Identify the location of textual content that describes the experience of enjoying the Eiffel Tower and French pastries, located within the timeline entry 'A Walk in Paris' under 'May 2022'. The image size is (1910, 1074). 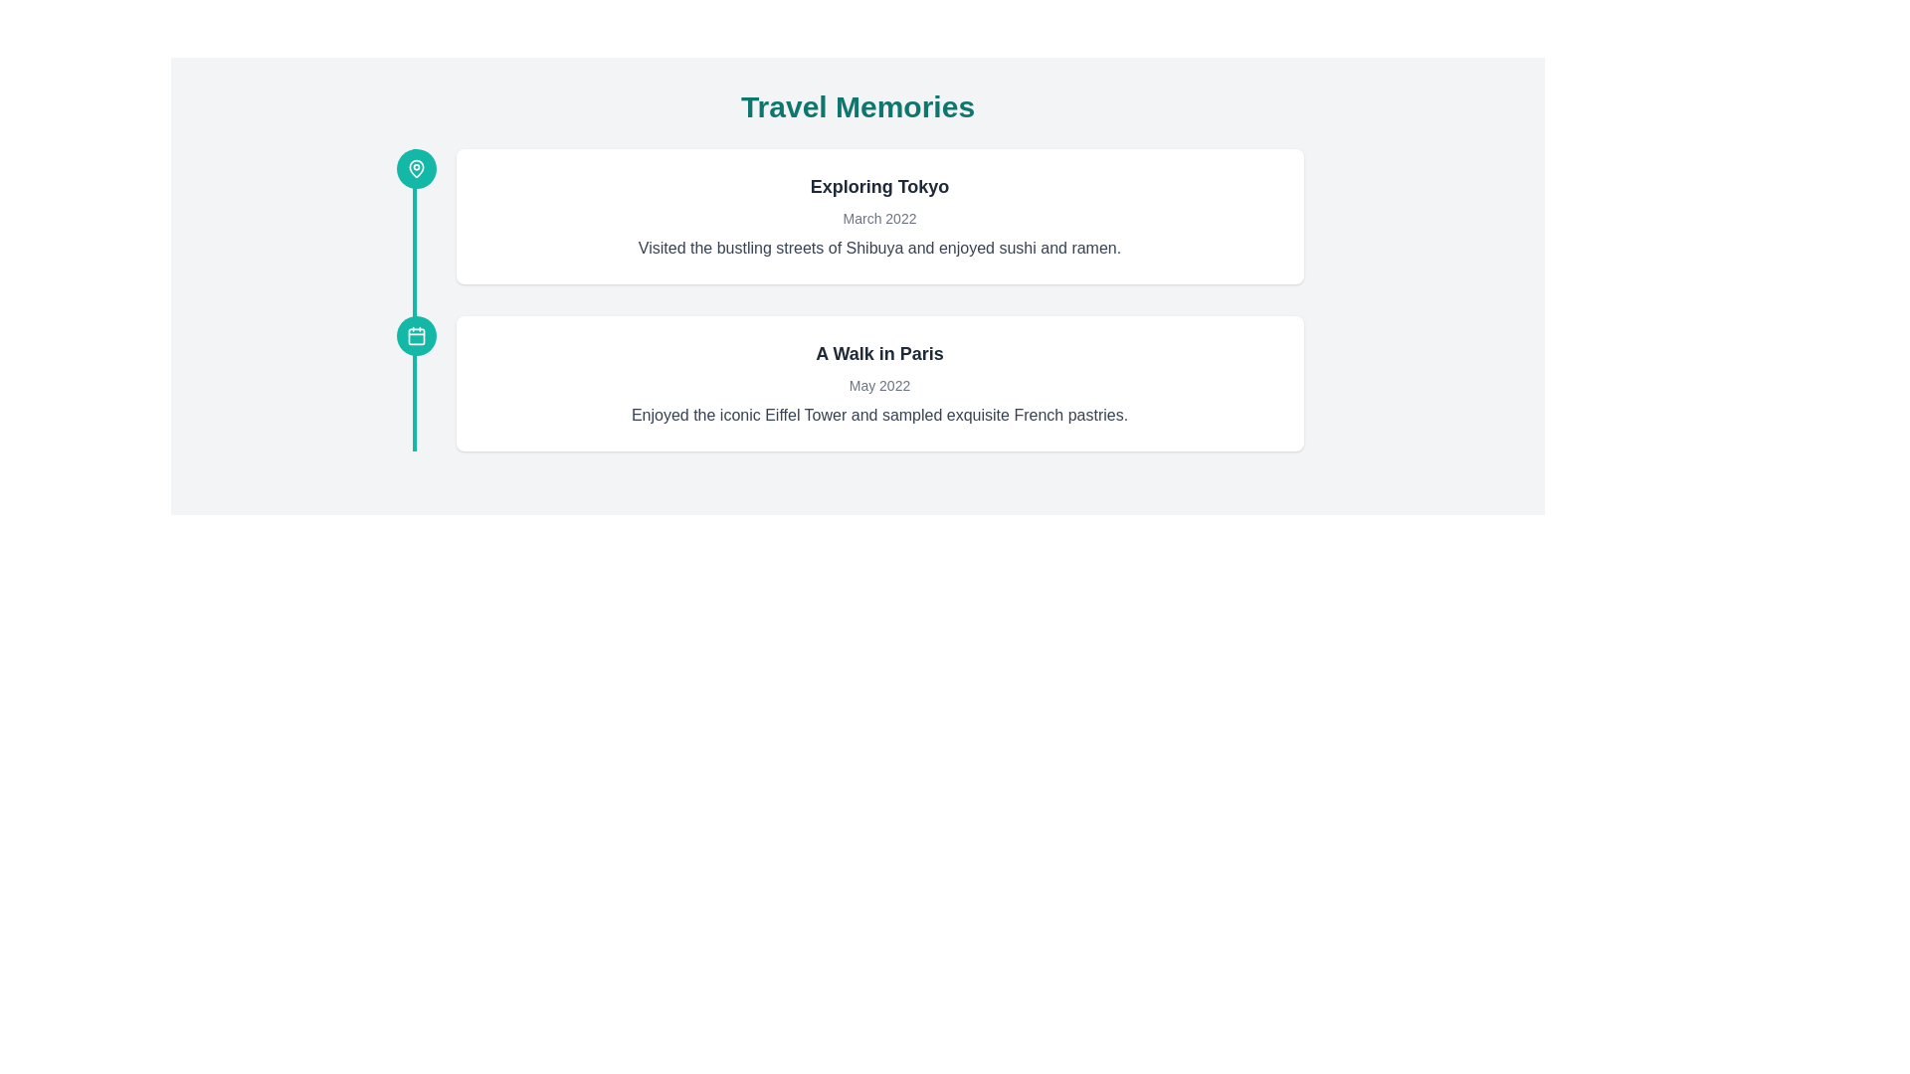
(878, 414).